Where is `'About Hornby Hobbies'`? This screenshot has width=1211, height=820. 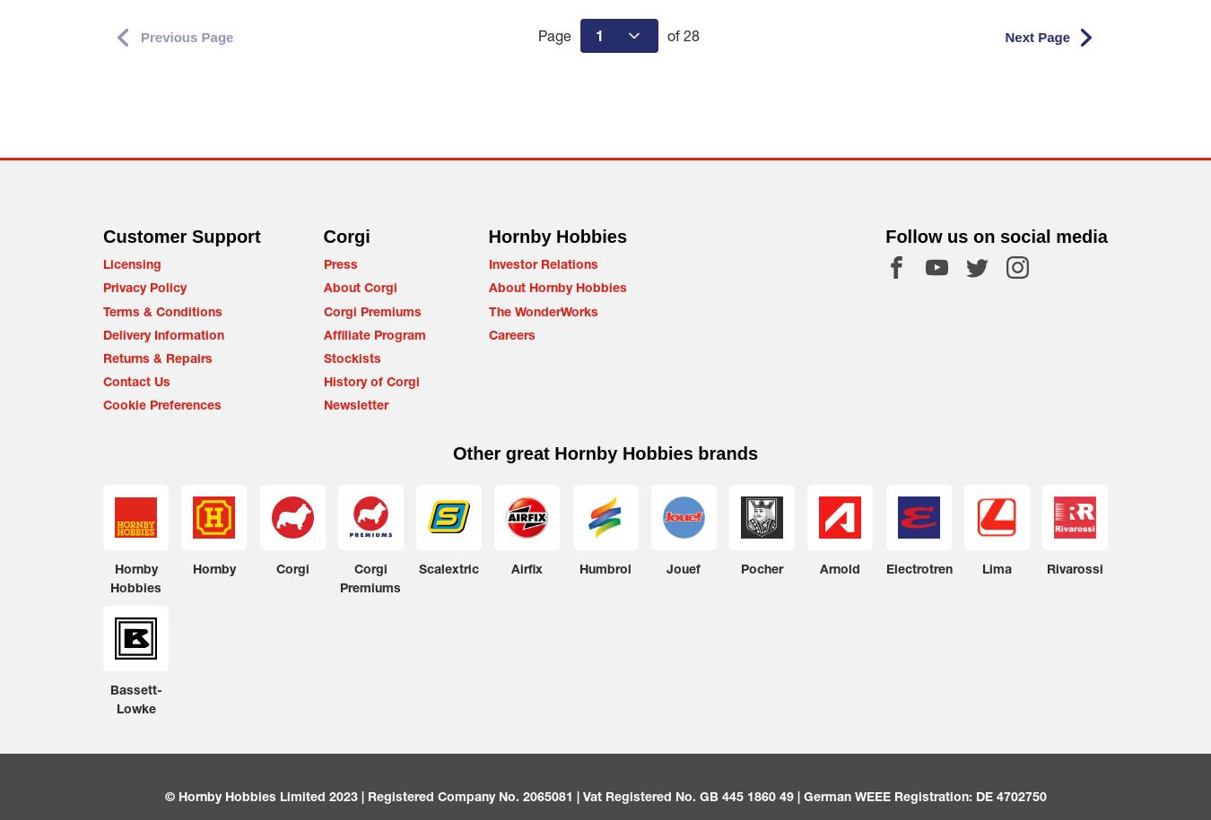 'About Hornby Hobbies' is located at coordinates (557, 287).